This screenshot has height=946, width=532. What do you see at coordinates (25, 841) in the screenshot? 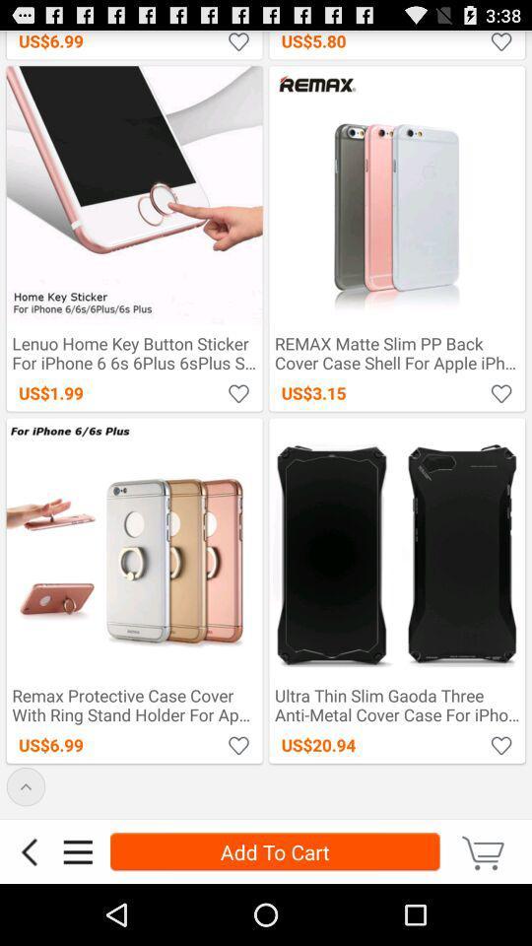
I see `the expand_less icon` at bounding box center [25, 841].